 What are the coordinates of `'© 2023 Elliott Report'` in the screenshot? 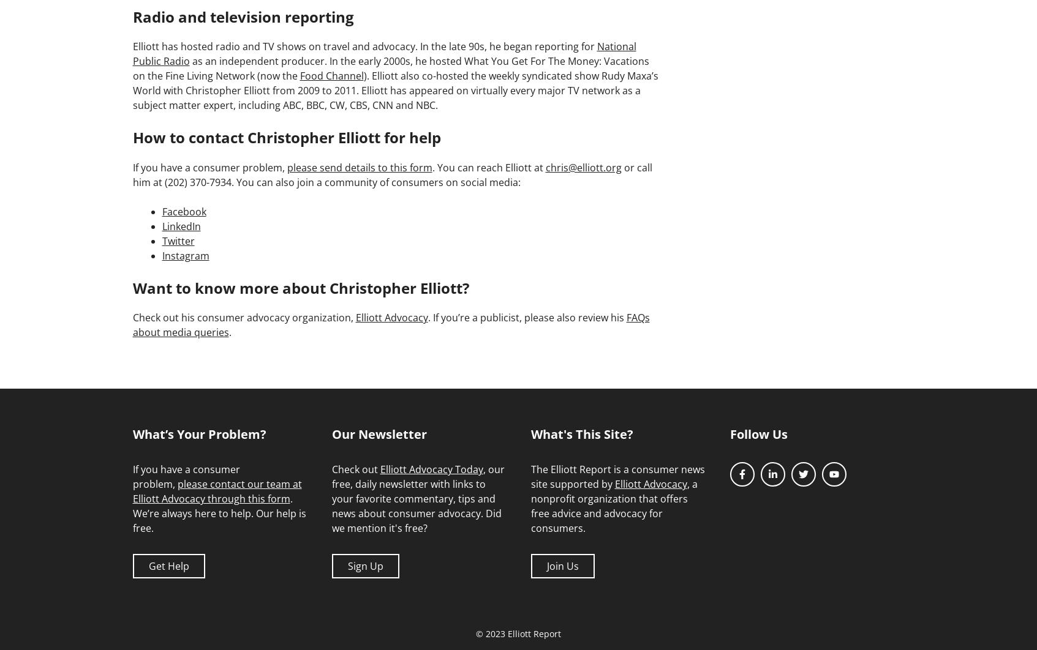 It's located at (518, 633).